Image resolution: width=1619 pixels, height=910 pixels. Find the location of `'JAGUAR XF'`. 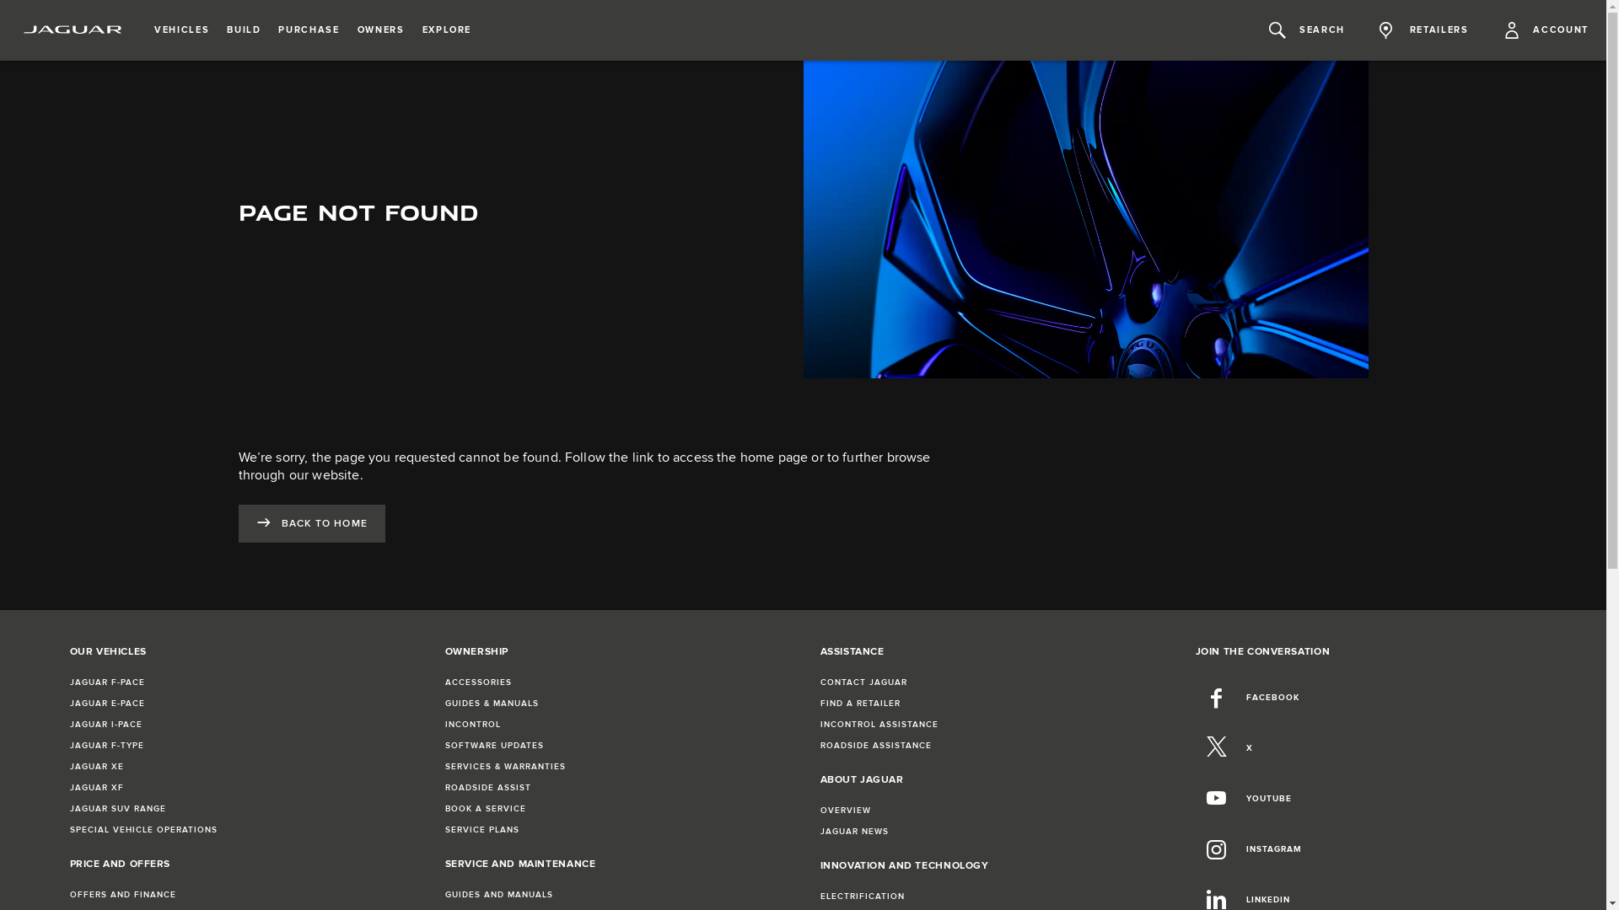

'JAGUAR XF' is located at coordinates (95, 787).